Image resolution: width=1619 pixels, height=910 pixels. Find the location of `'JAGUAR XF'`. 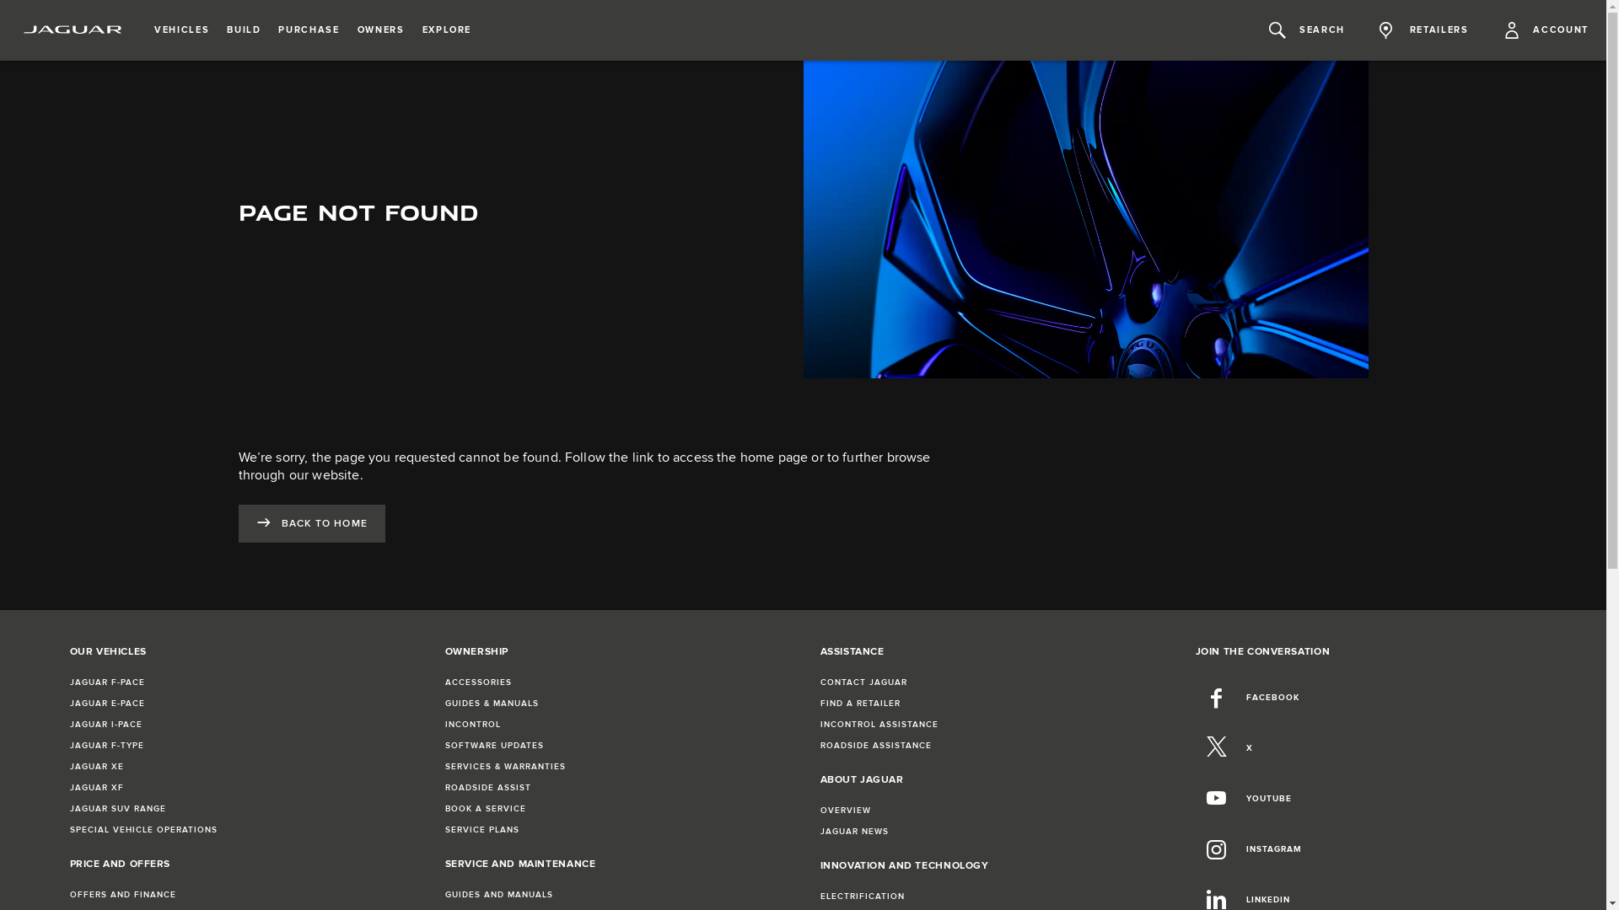

'JAGUAR XF' is located at coordinates (95, 787).